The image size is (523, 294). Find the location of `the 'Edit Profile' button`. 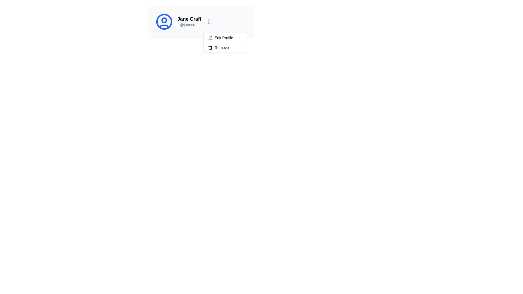

the 'Edit Profile' button is located at coordinates (225, 37).